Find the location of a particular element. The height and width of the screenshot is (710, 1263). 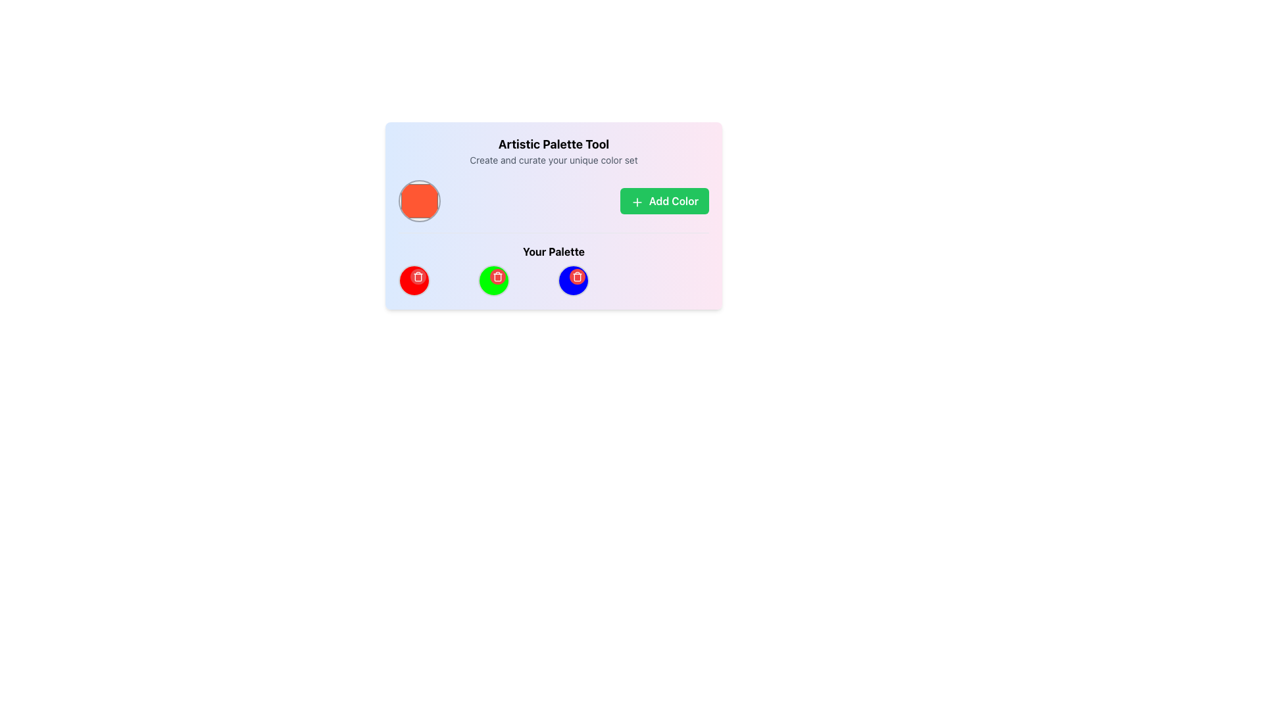

the 'Your Palette' text label, which is styled in bold black font and centered above a grid of colored circular components is located at coordinates (553, 251).